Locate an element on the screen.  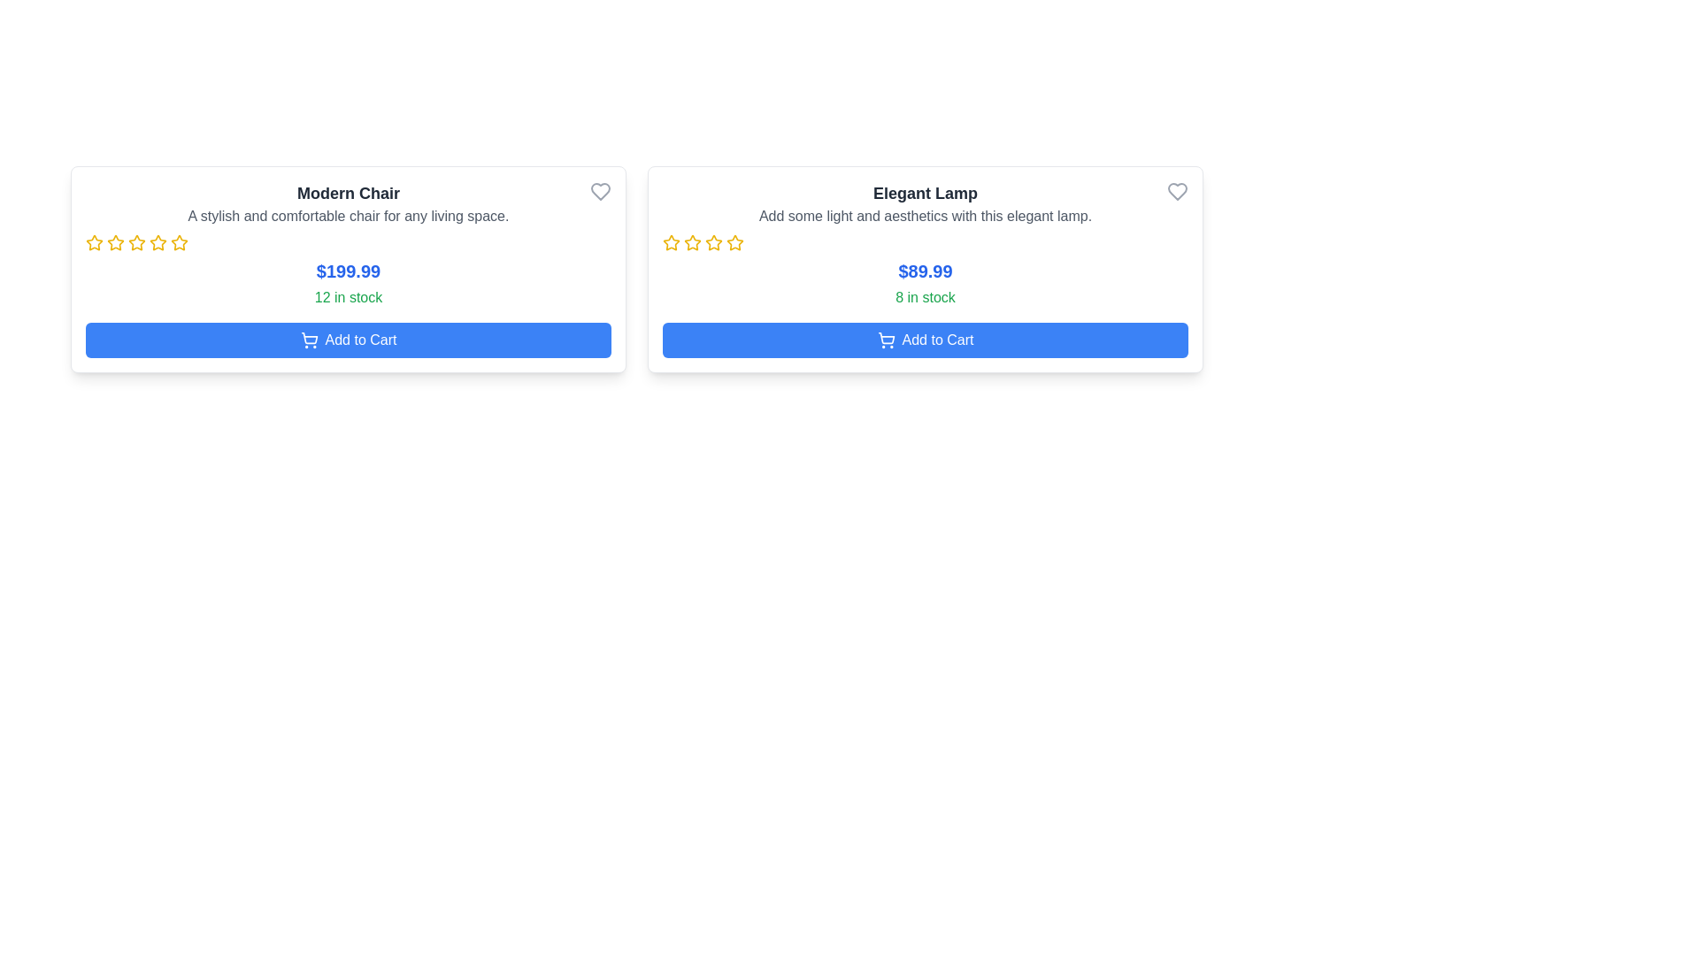
second star icon in the product rating section for visual information, which is a bright yellow outlined star beneath the title 'Modern Chair' is located at coordinates (114, 242).